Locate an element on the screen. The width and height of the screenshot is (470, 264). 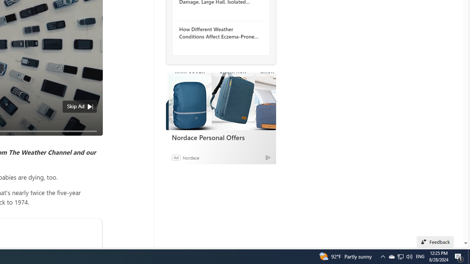
'Ad Choice' is located at coordinates (267, 157).